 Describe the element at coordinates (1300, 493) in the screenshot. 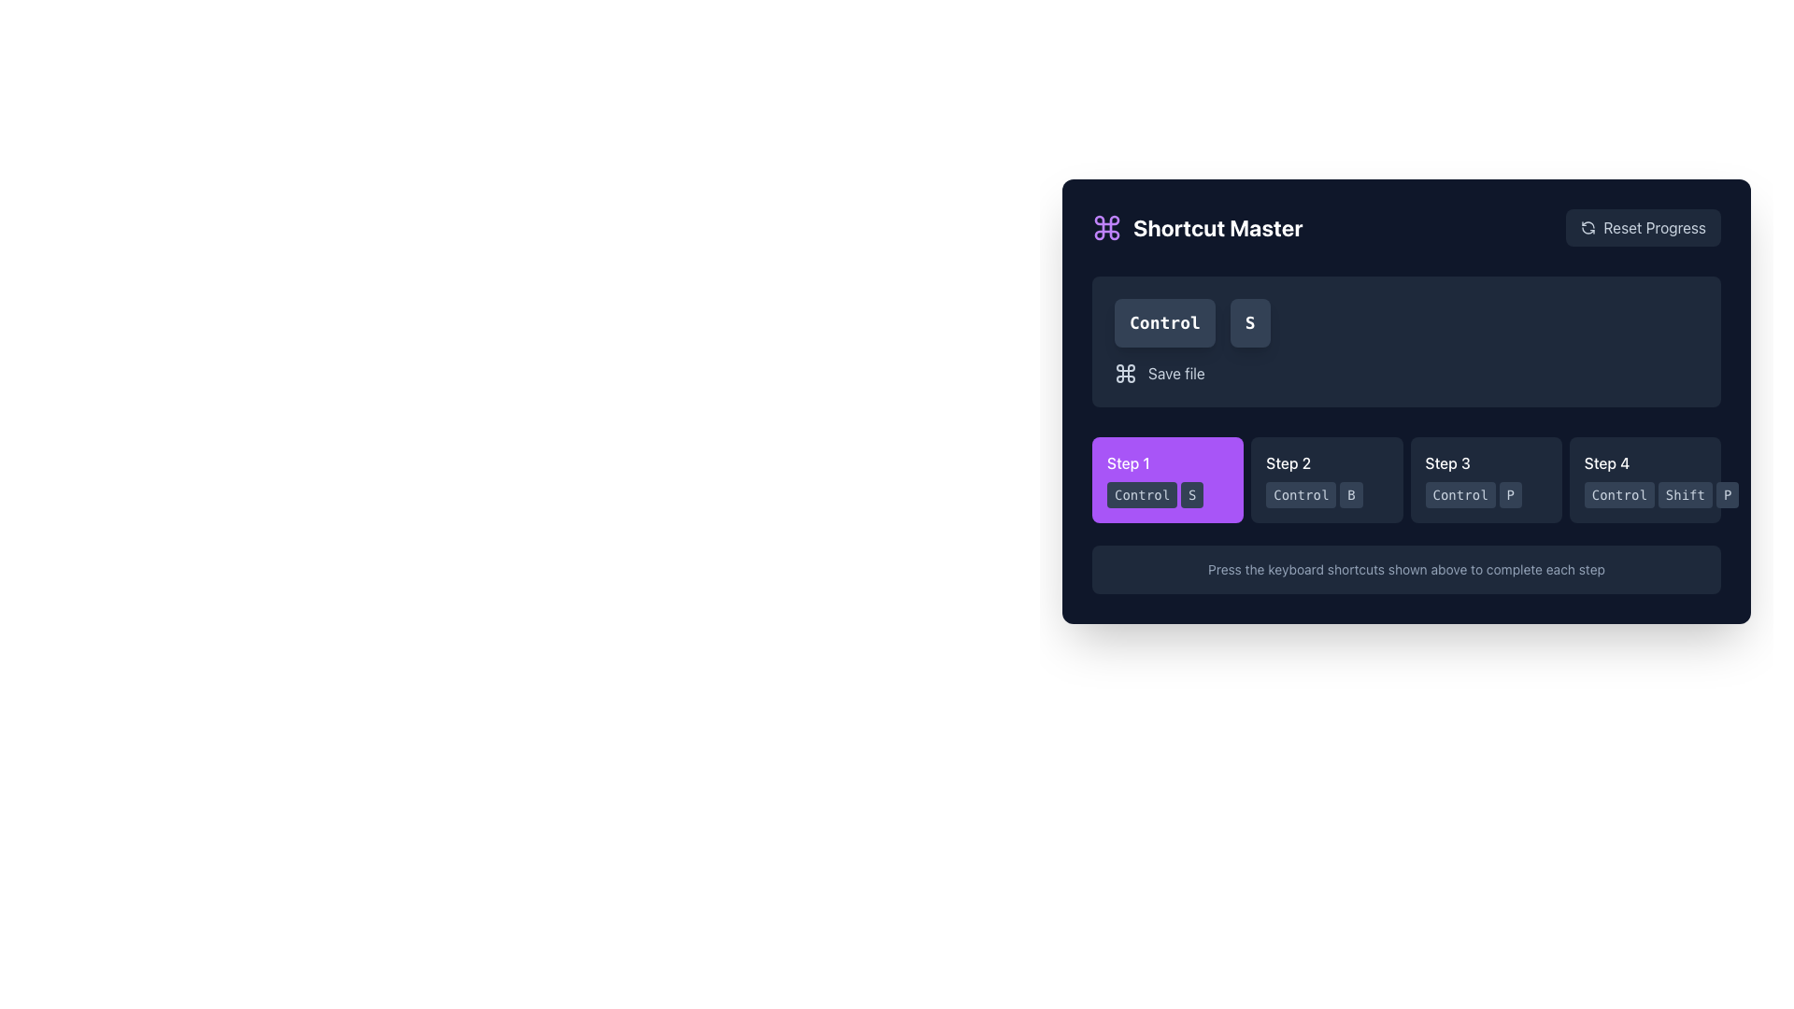

I see `the rectangular text label displaying the word 'Control' with a dark background and light text, located in the second step panel of the interface` at that location.